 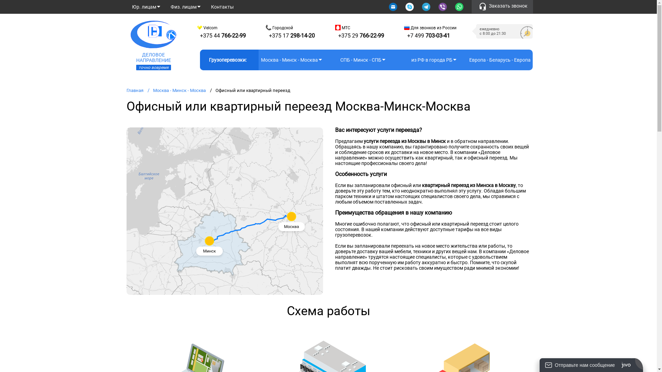 What do you see at coordinates (428, 35) in the screenshot?
I see `'+7 499 703-03-41'` at bounding box center [428, 35].